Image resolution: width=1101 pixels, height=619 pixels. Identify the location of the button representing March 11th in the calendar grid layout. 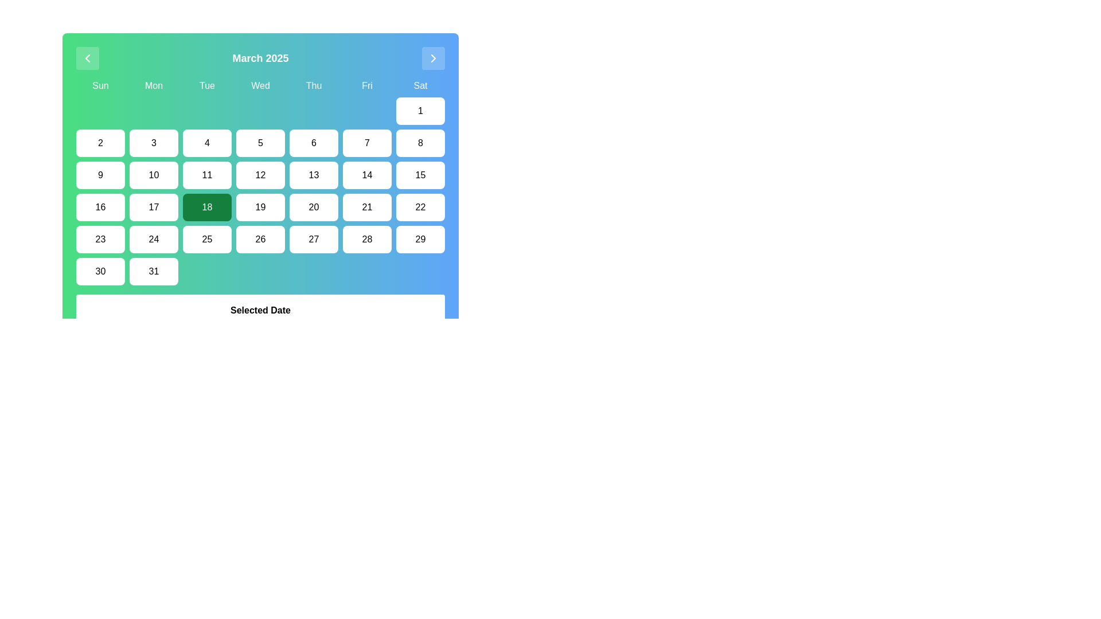
(207, 175).